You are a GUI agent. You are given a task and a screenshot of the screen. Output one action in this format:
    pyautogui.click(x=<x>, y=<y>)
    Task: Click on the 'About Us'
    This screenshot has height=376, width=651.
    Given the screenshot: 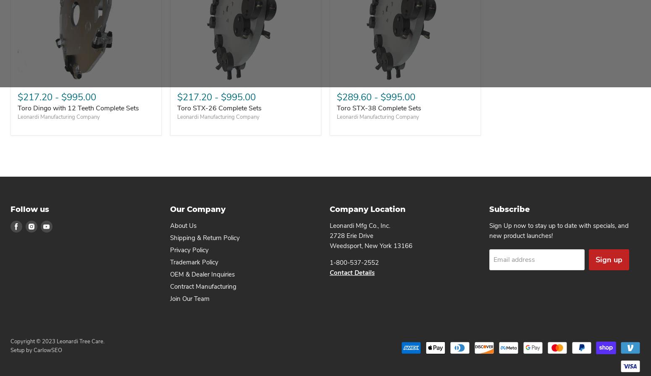 What is the action you would take?
    pyautogui.click(x=183, y=225)
    